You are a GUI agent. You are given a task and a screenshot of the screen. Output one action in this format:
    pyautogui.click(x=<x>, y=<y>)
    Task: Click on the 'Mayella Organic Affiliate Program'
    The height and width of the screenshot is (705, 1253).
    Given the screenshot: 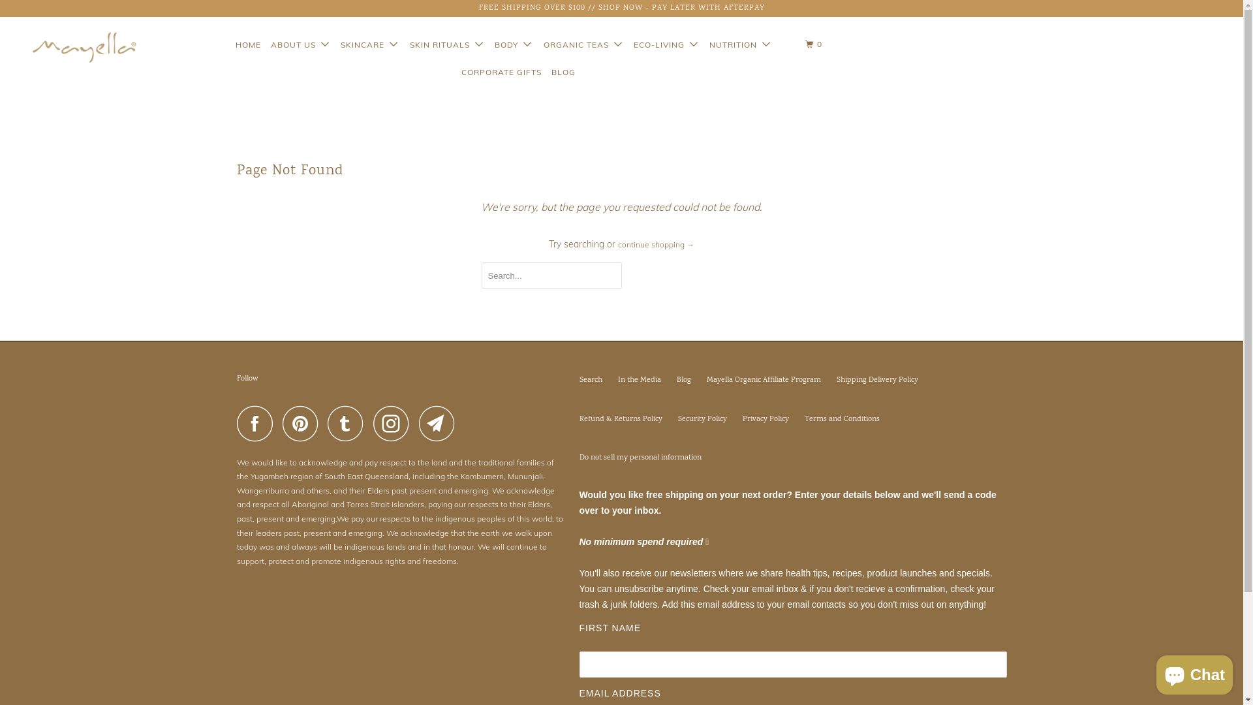 What is the action you would take?
    pyautogui.click(x=705, y=380)
    